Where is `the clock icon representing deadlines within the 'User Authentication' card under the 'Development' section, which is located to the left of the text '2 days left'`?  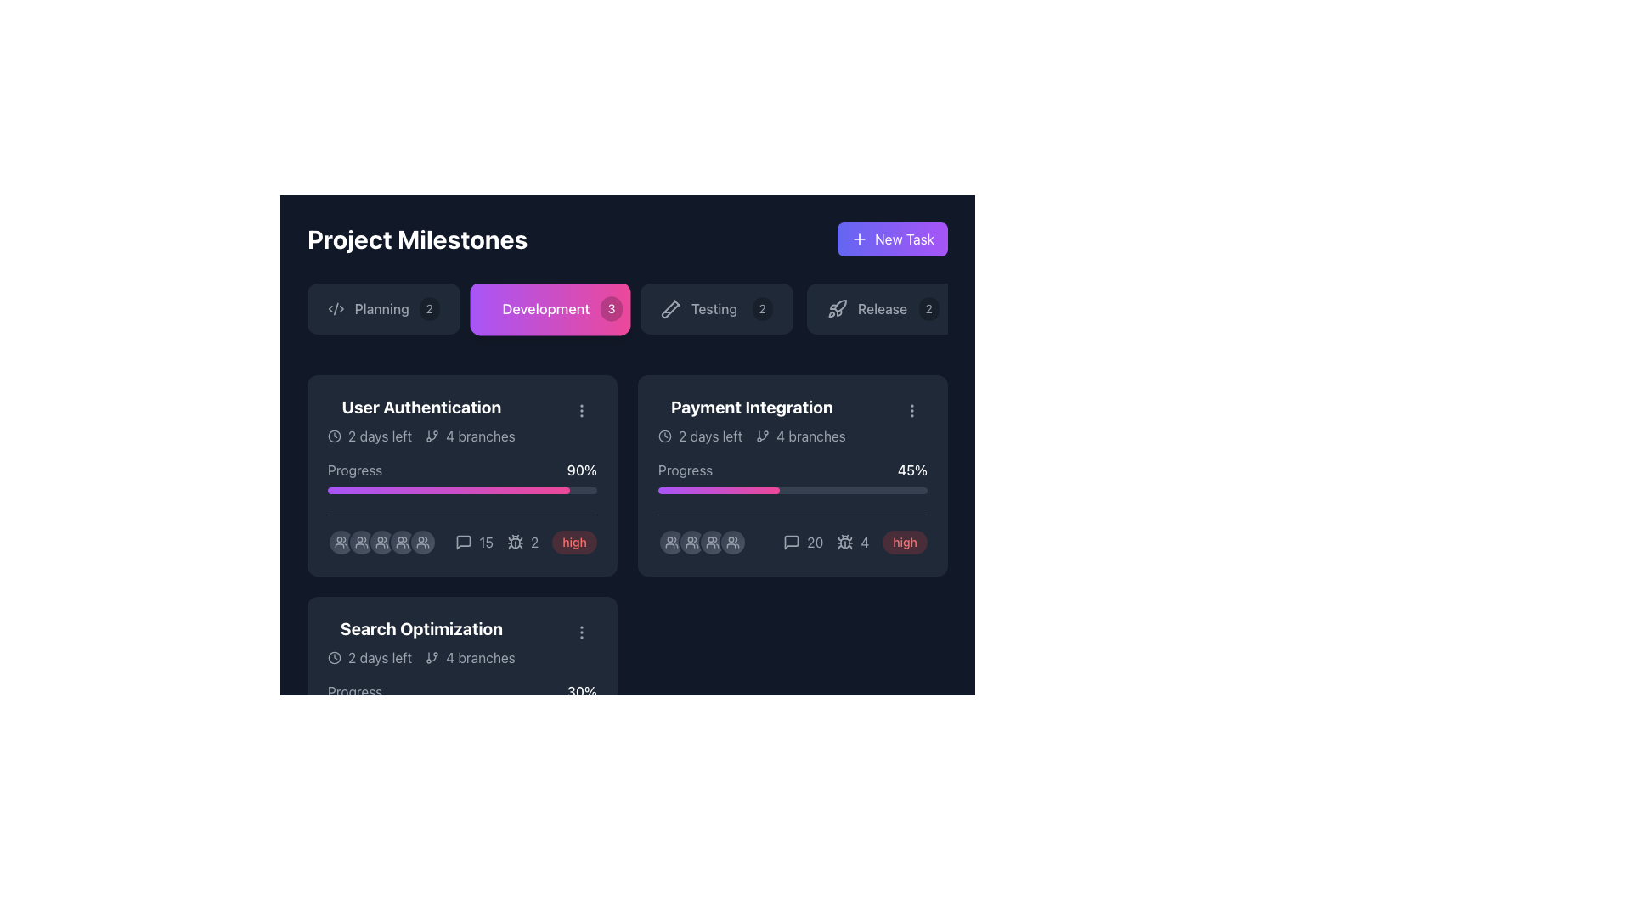
the clock icon representing deadlines within the 'User Authentication' card under the 'Development' section, which is located to the left of the text '2 days left' is located at coordinates (334, 435).